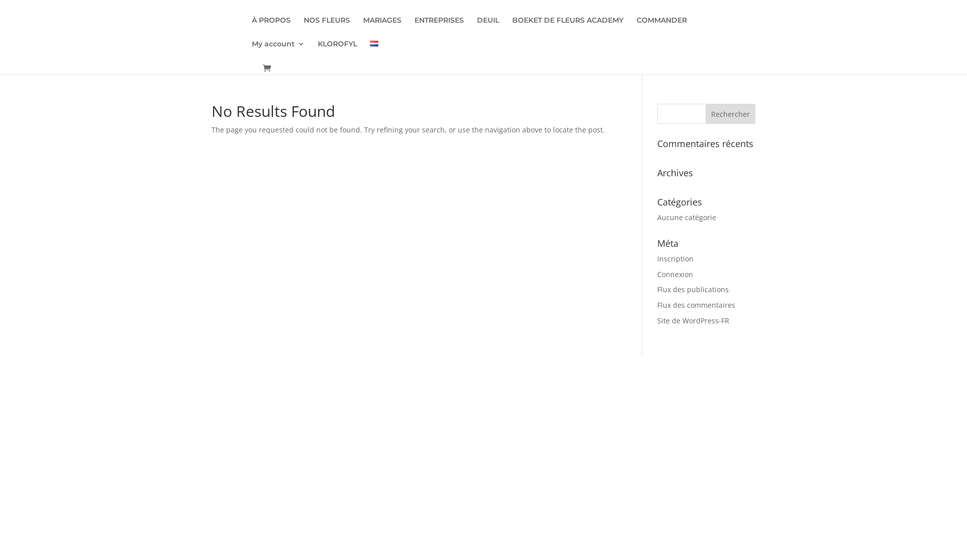  What do you see at coordinates (693, 320) in the screenshot?
I see `'Site de WordPress-FR'` at bounding box center [693, 320].